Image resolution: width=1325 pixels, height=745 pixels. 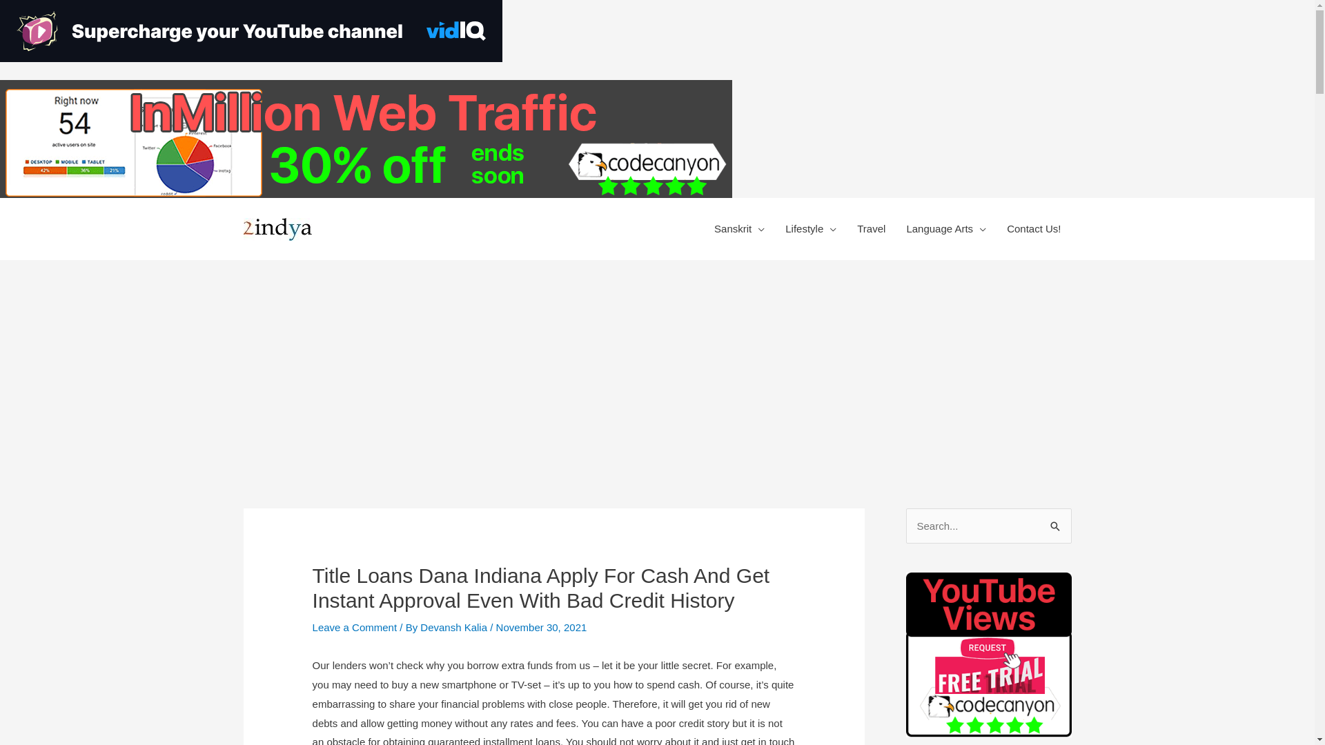 What do you see at coordinates (997, 228) in the screenshot?
I see `'Contact Us!'` at bounding box center [997, 228].